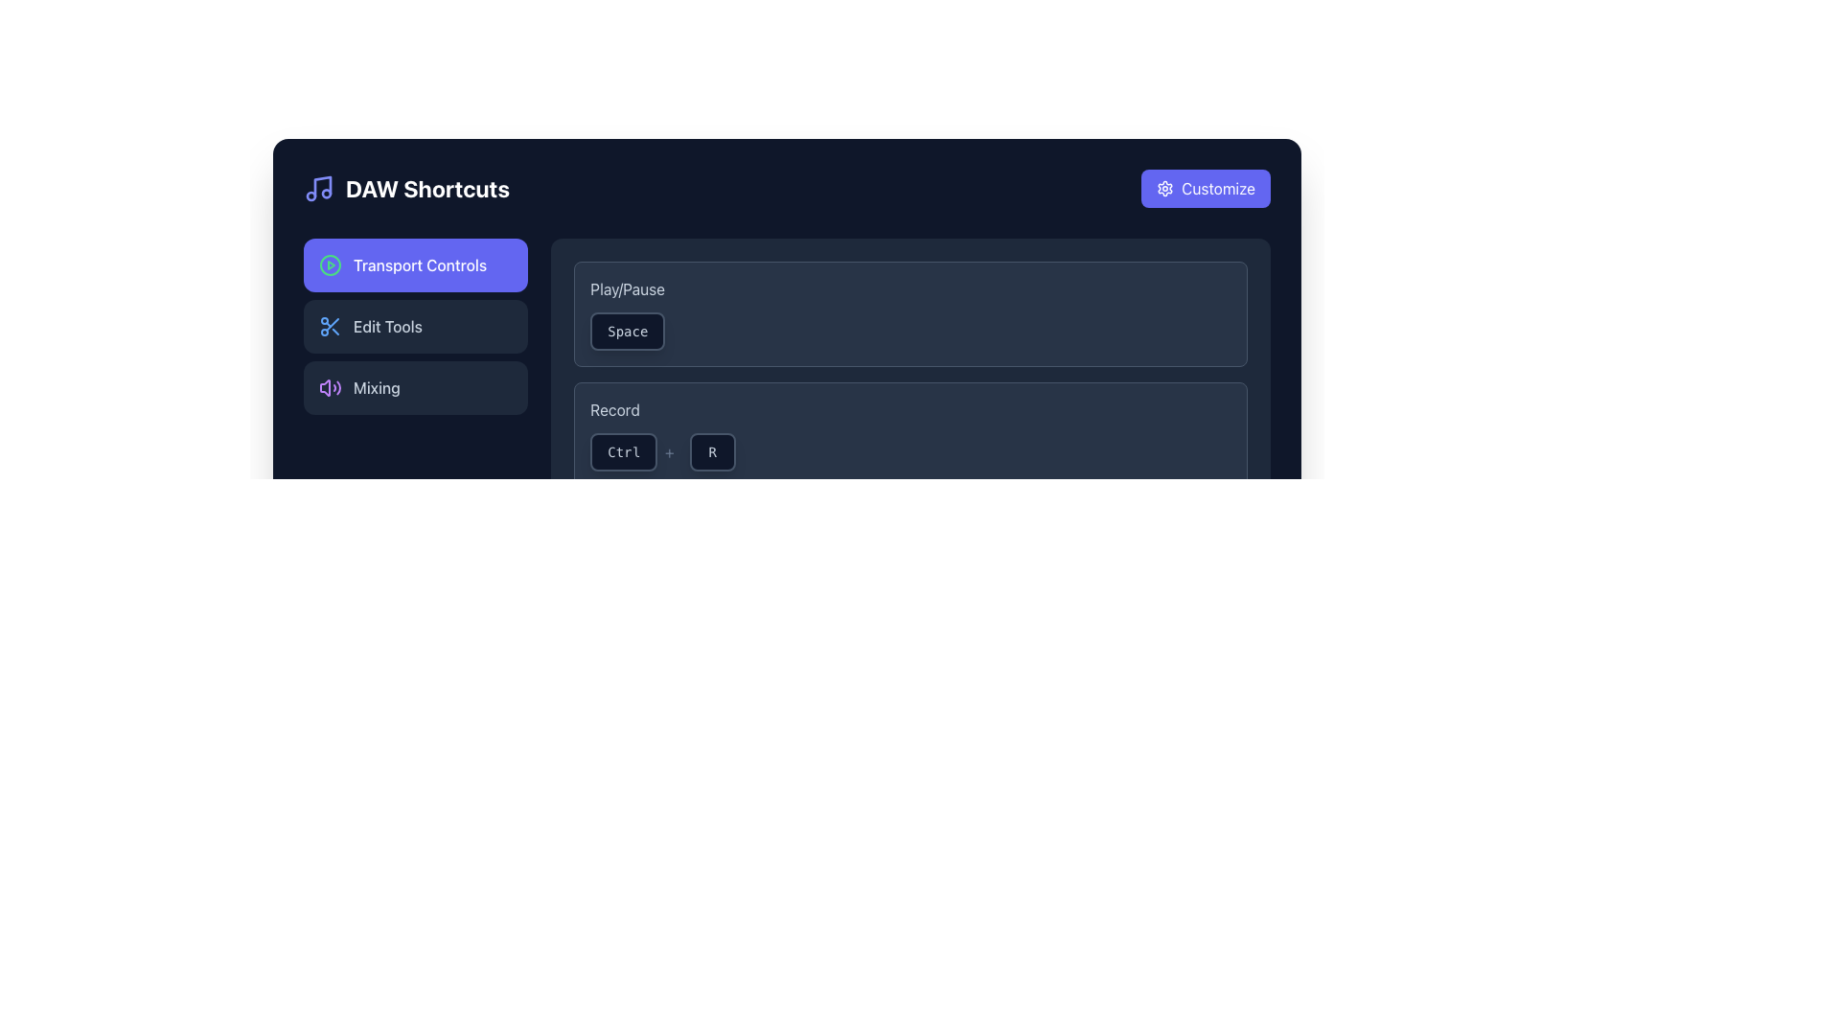 The width and height of the screenshot is (1840, 1035). Describe the element at coordinates (635, 451) in the screenshot. I see `the 'Ctrl' button-like visual element with a dark slate background and rounded corners, part of the 'Record' shortcut representation` at that location.